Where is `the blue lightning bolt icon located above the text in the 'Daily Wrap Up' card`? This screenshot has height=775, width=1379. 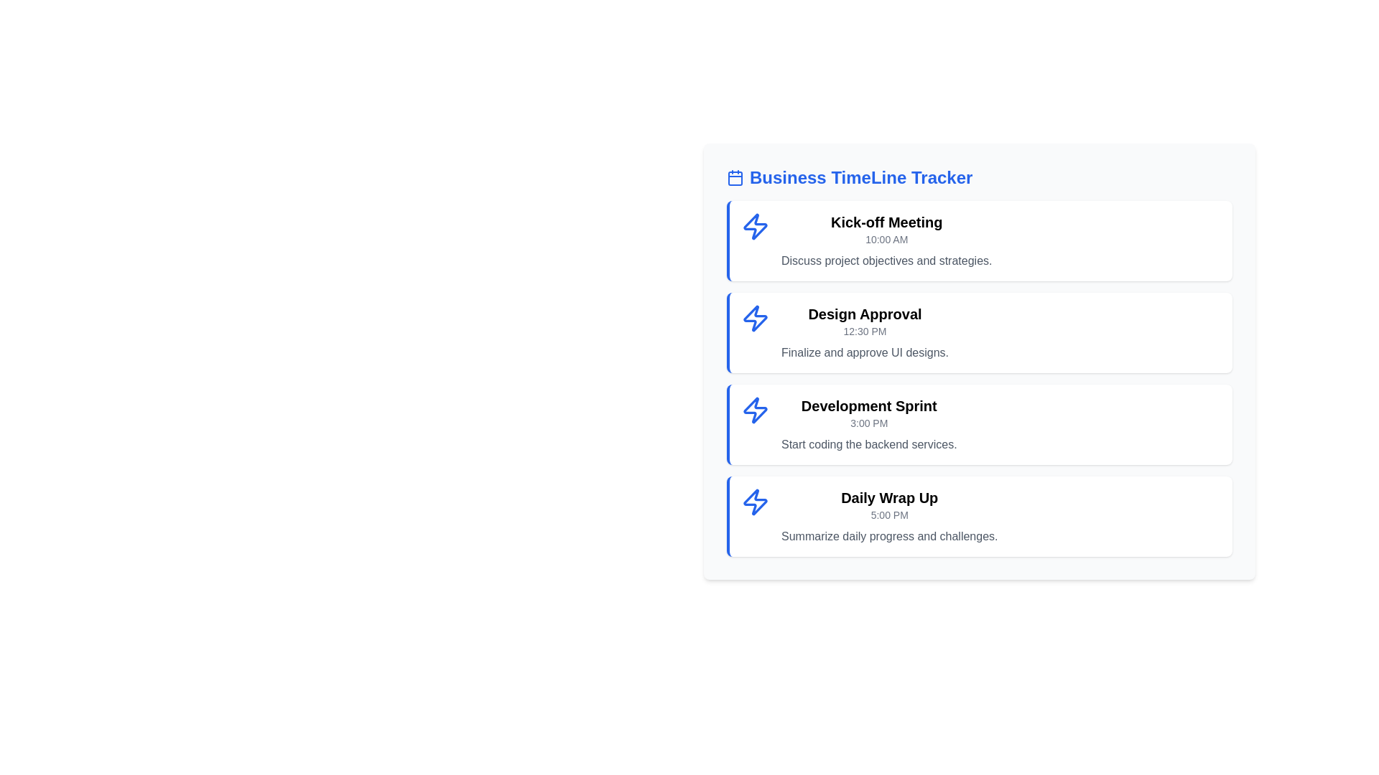
the blue lightning bolt icon located above the text in the 'Daily Wrap Up' card is located at coordinates (754, 501).